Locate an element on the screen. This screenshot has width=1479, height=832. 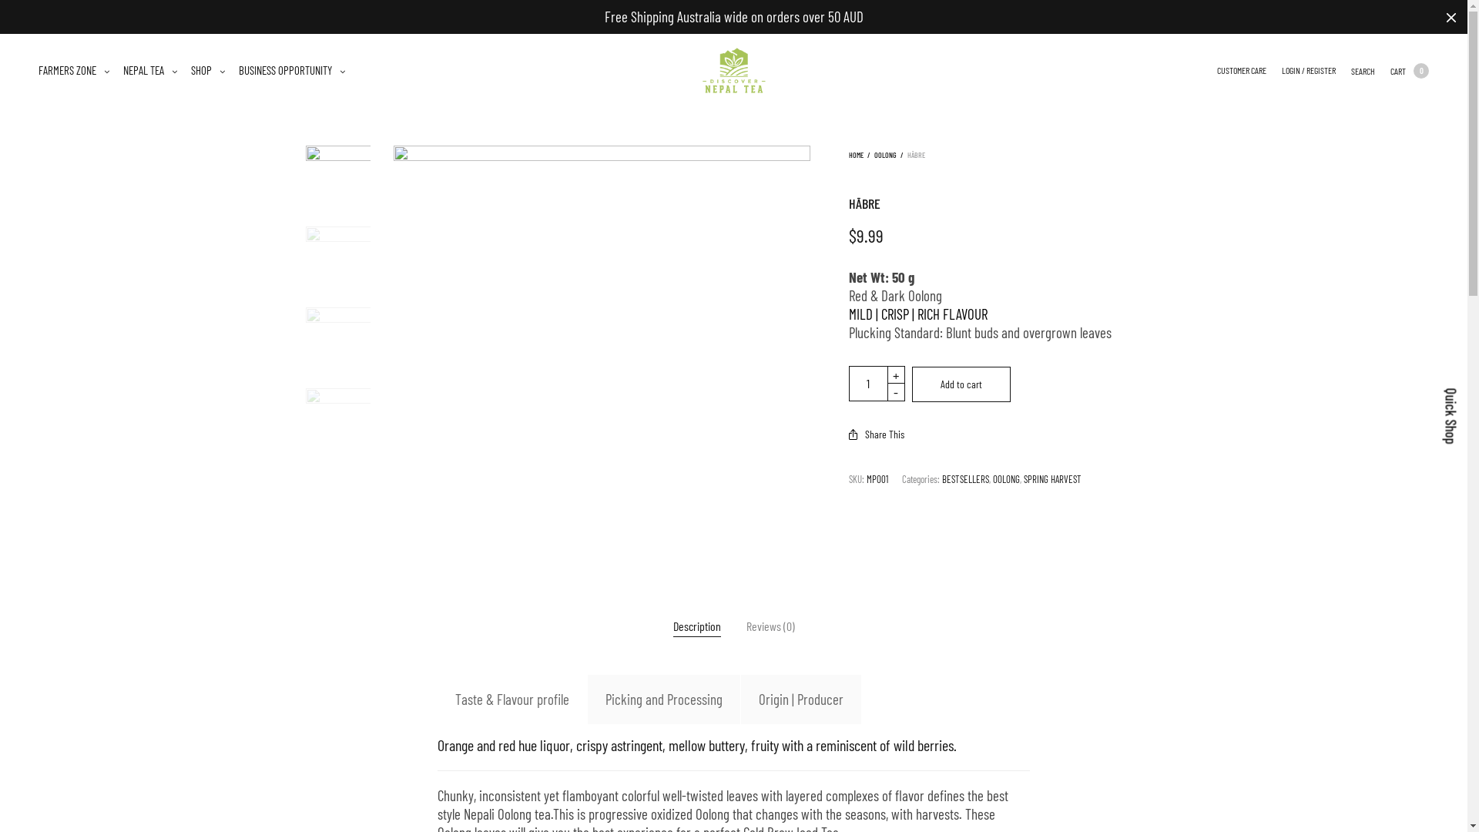
'OOLONG' is located at coordinates (885, 154).